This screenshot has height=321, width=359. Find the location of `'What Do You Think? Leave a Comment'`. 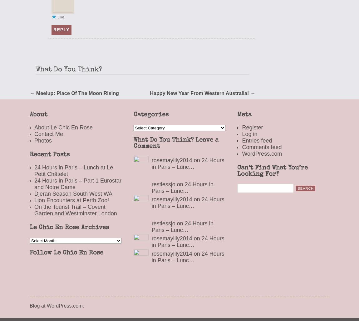

'What Do You Think? Leave a Comment' is located at coordinates (133, 143).